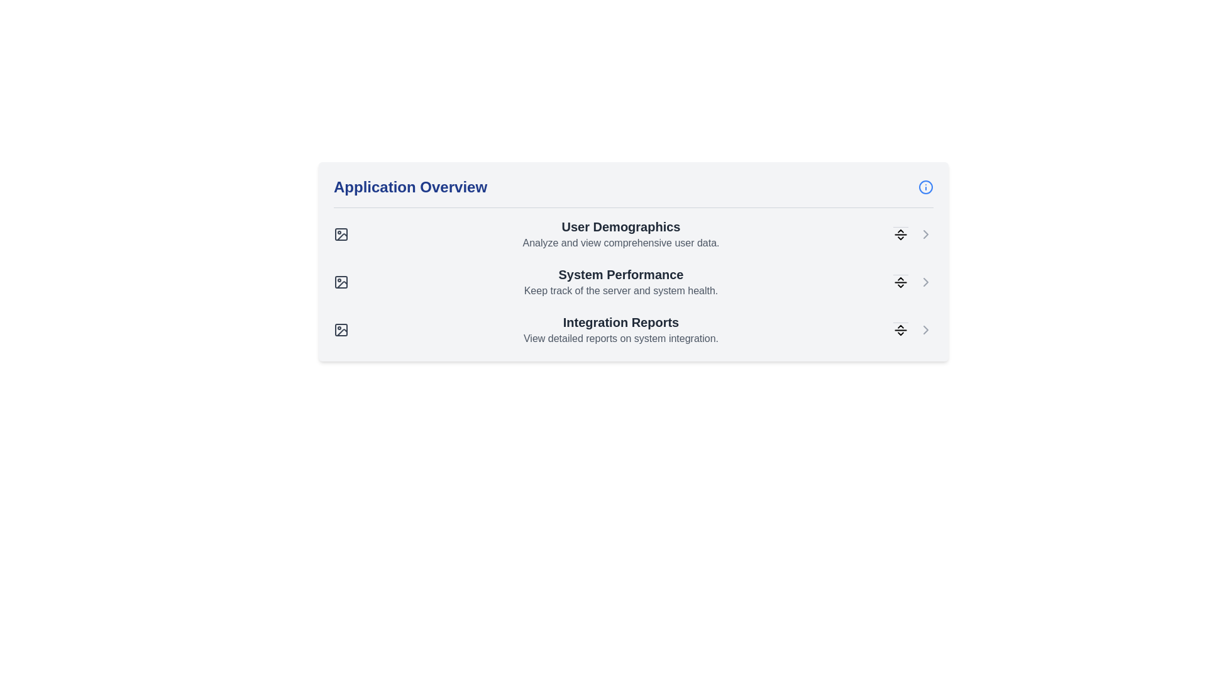 This screenshot has width=1207, height=679. Describe the element at coordinates (926, 329) in the screenshot. I see `the rightward-pointing gray chevron icon located at the far right of the 'Integration Reports' section` at that location.